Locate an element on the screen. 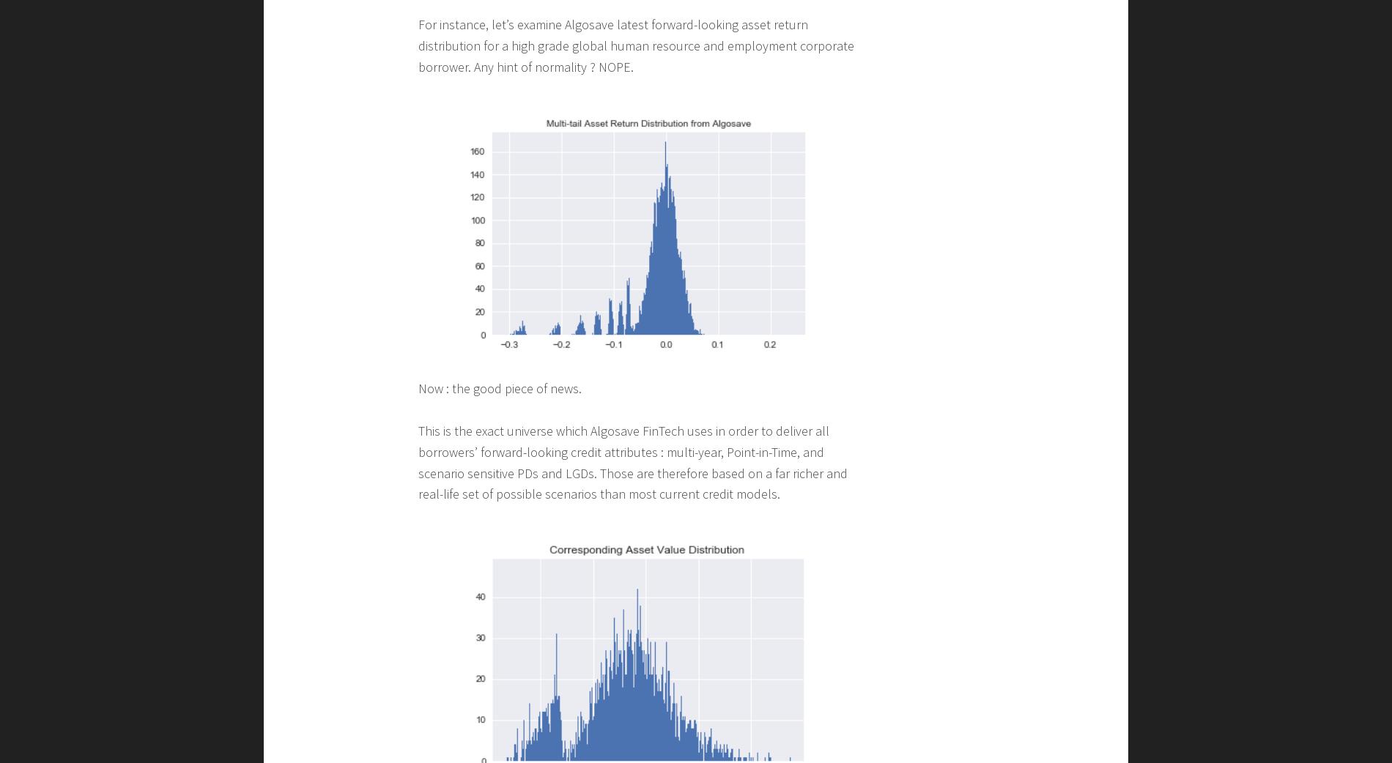 This screenshot has height=763, width=1392. 'By construction, most existing credit models assume normality of asset-return distribution in order to be able to compute their Distance to Default and other related credit attributes.' is located at coordinates (630, 426).